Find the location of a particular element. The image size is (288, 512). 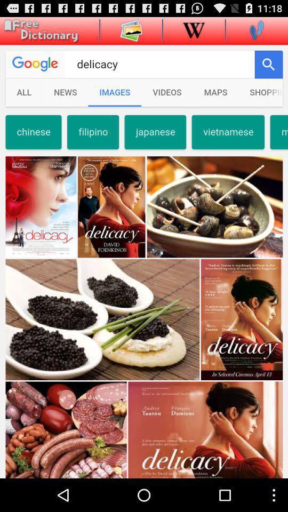

image menu is located at coordinates (131, 29).